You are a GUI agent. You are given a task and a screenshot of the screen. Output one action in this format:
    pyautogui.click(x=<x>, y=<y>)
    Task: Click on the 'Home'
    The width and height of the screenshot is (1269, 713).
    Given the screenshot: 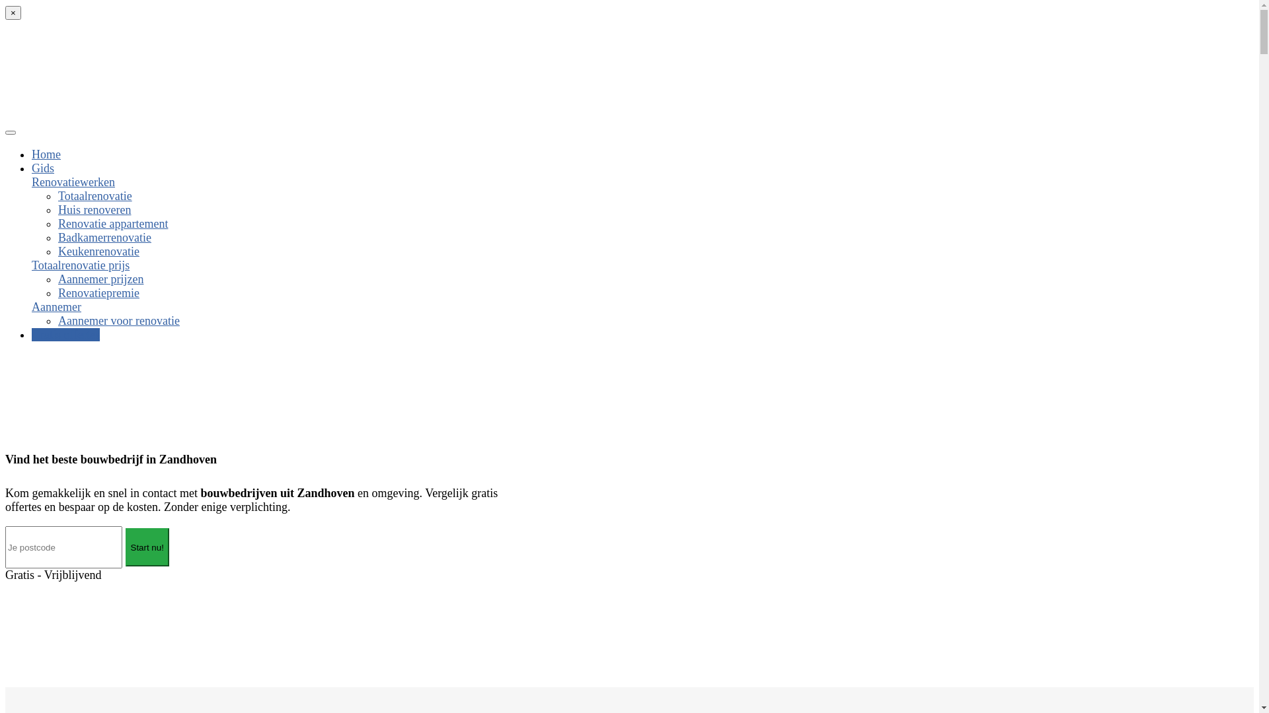 What is the action you would take?
    pyautogui.click(x=46, y=154)
    